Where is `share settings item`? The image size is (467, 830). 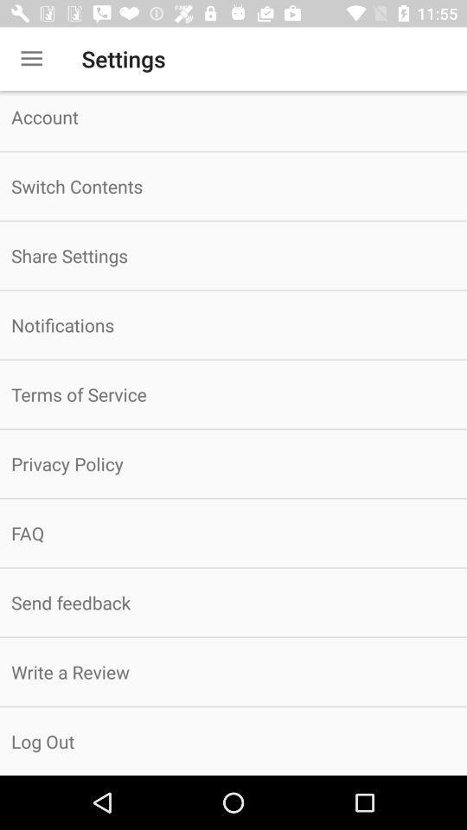
share settings item is located at coordinates (233, 254).